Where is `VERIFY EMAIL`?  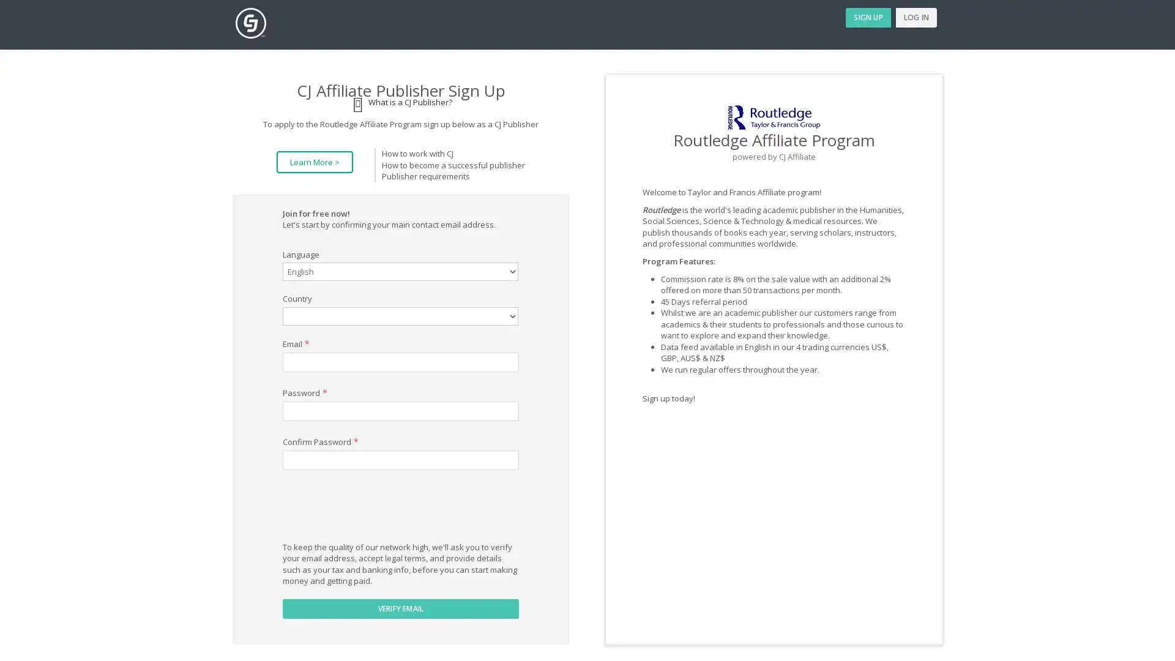
VERIFY EMAIL is located at coordinates (400, 608).